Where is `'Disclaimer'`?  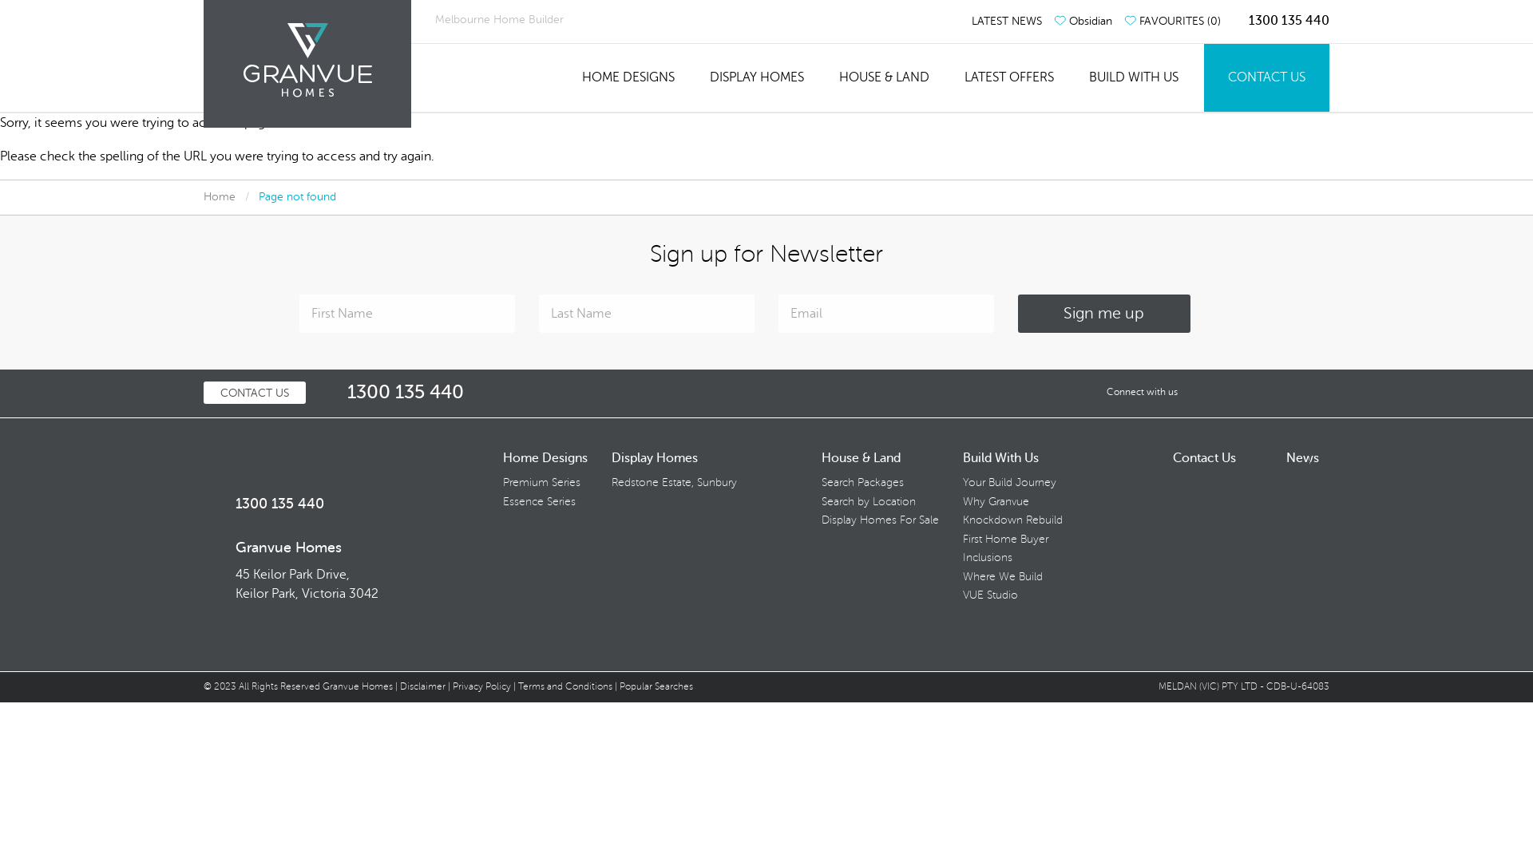 'Disclaimer' is located at coordinates (422, 686).